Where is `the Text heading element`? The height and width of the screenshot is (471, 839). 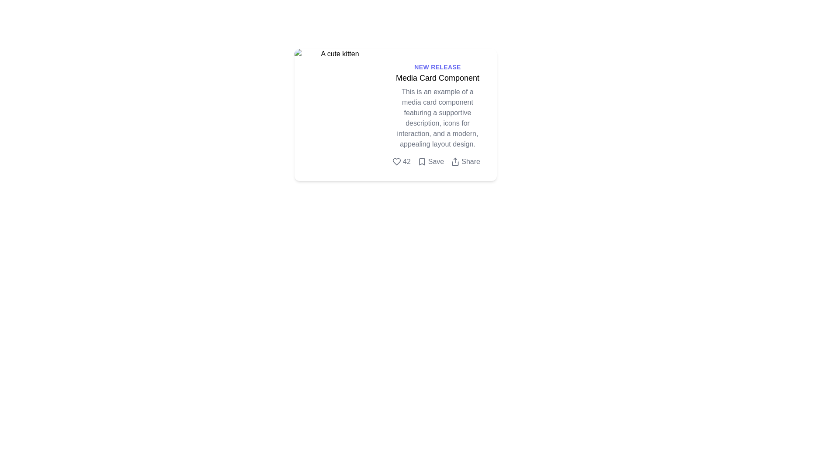
the Text heading element is located at coordinates (437, 78).